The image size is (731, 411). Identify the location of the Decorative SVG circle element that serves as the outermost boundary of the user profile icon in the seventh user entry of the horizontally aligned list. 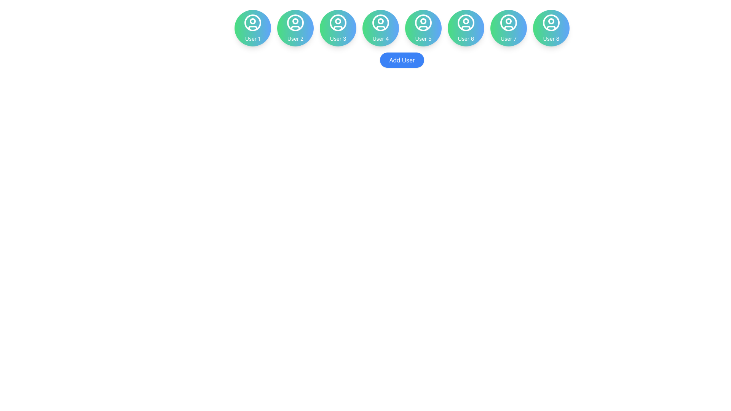
(508, 22).